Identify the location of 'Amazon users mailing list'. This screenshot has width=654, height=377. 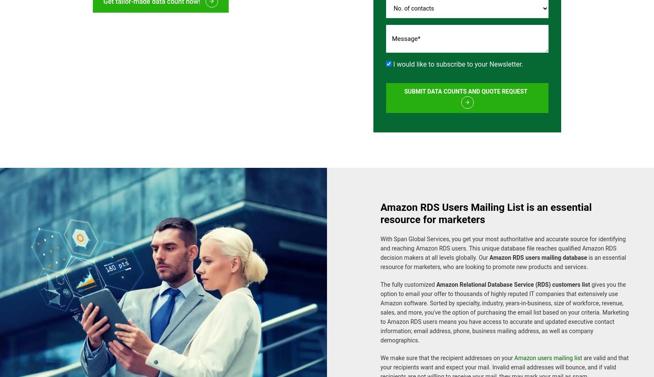
(548, 353).